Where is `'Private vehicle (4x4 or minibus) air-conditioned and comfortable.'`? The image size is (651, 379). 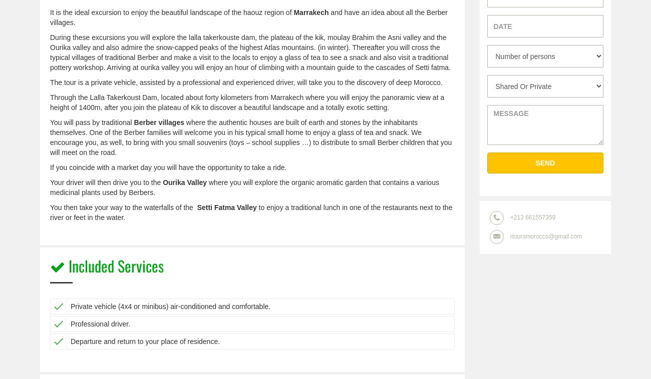 'Private vehicle (4x4 or minibus) air-conditioned and comfortable.' is located at coordinates (170, 306).